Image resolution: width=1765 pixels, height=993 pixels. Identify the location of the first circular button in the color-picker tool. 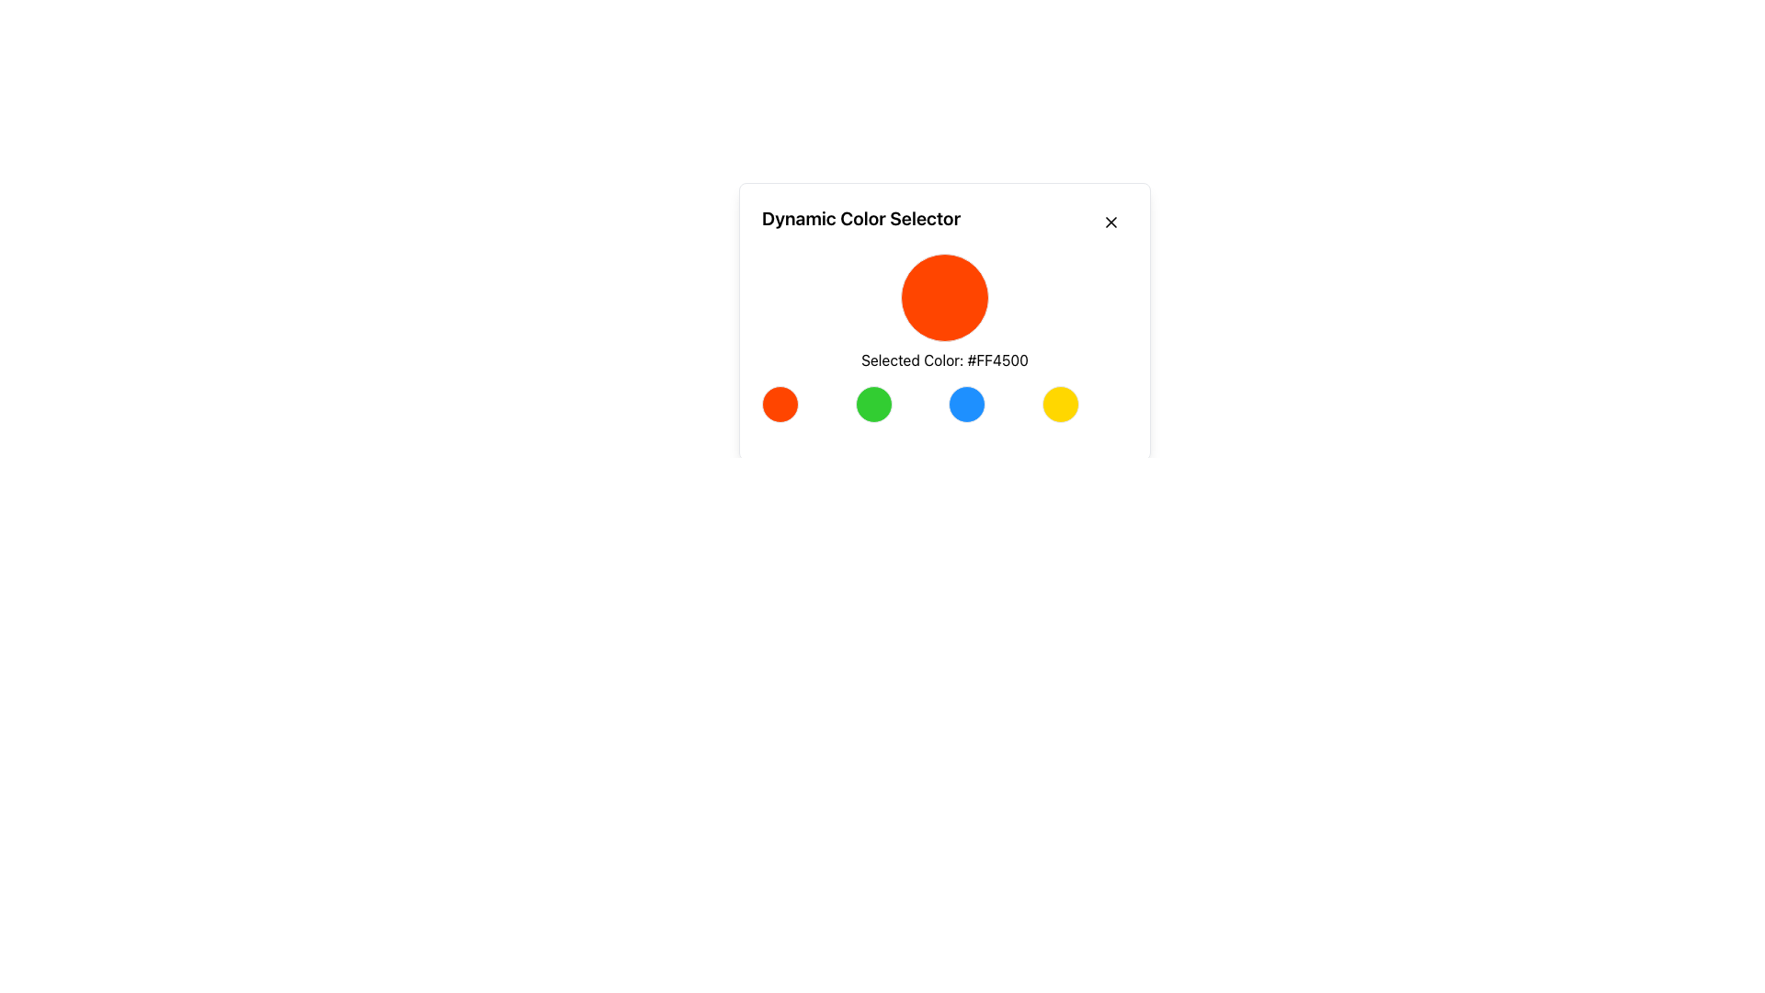
(780, 403).